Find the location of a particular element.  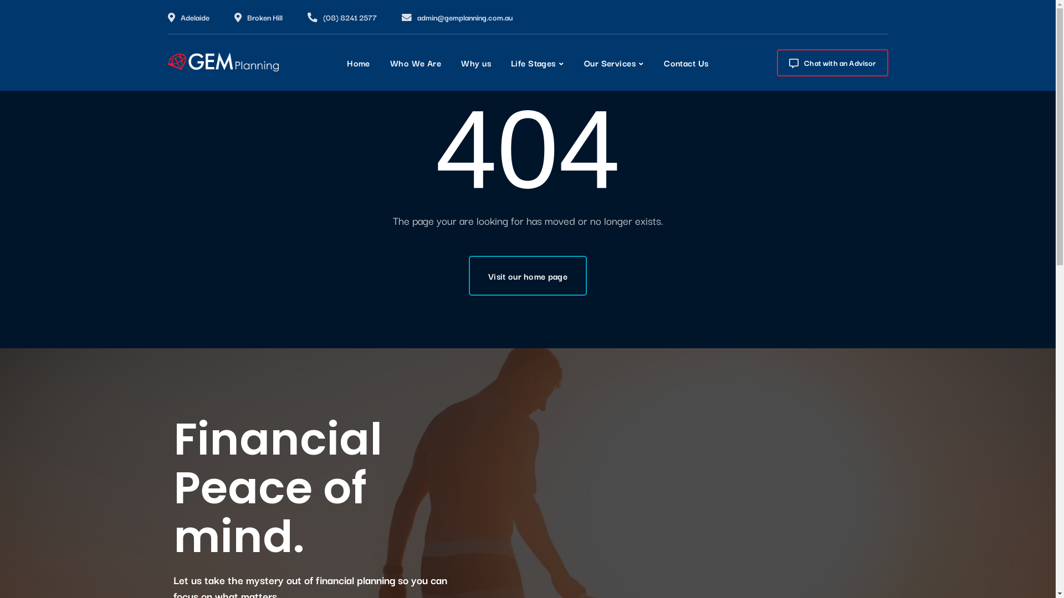

'admin@gemplanning.com.au' is located at coordinates (464, 17).